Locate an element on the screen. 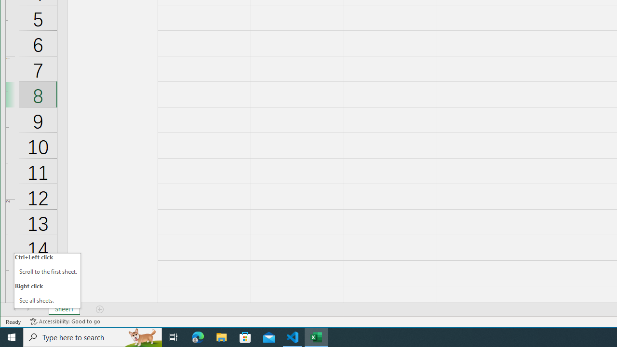 This screenshot has width=617, height=347. 'Excel - 1 running window' is located at coordinates (316, 336).